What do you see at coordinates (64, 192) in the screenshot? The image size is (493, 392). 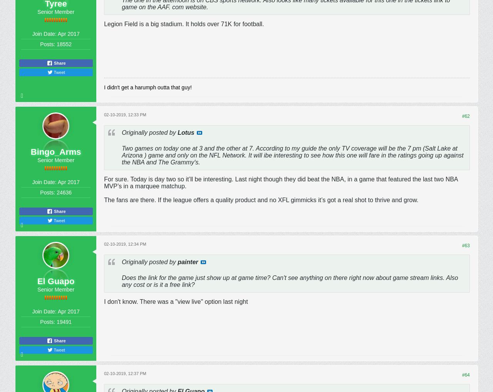 I see `'24636'` at bounding box center [64, 192].